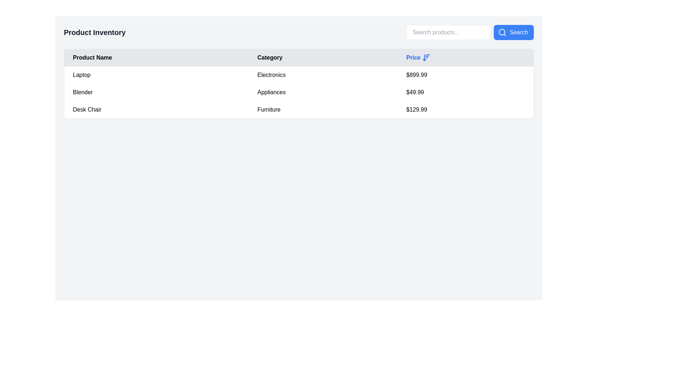 The width and height of the screenshot is (693, 390). Describe the element at coordinates (426, 57) in the screenshot. I see `the sorting icon located to the right of the 'Price' text in the column header to change the sorting order for the prices shown in the table below` at that location.